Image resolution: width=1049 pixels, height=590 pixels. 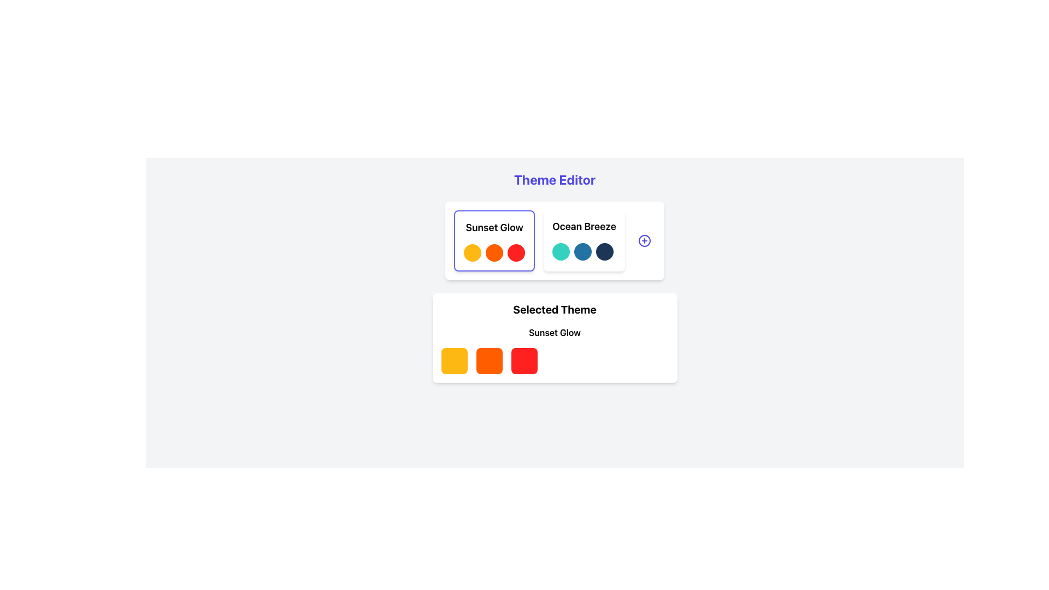 What do you see at coordinates (494, 252) in the screenshot?
I see `the red circular icon within the 'Sunset Glow' visual representation component in the Theme Editor interface` at bounding box center [494, 252].